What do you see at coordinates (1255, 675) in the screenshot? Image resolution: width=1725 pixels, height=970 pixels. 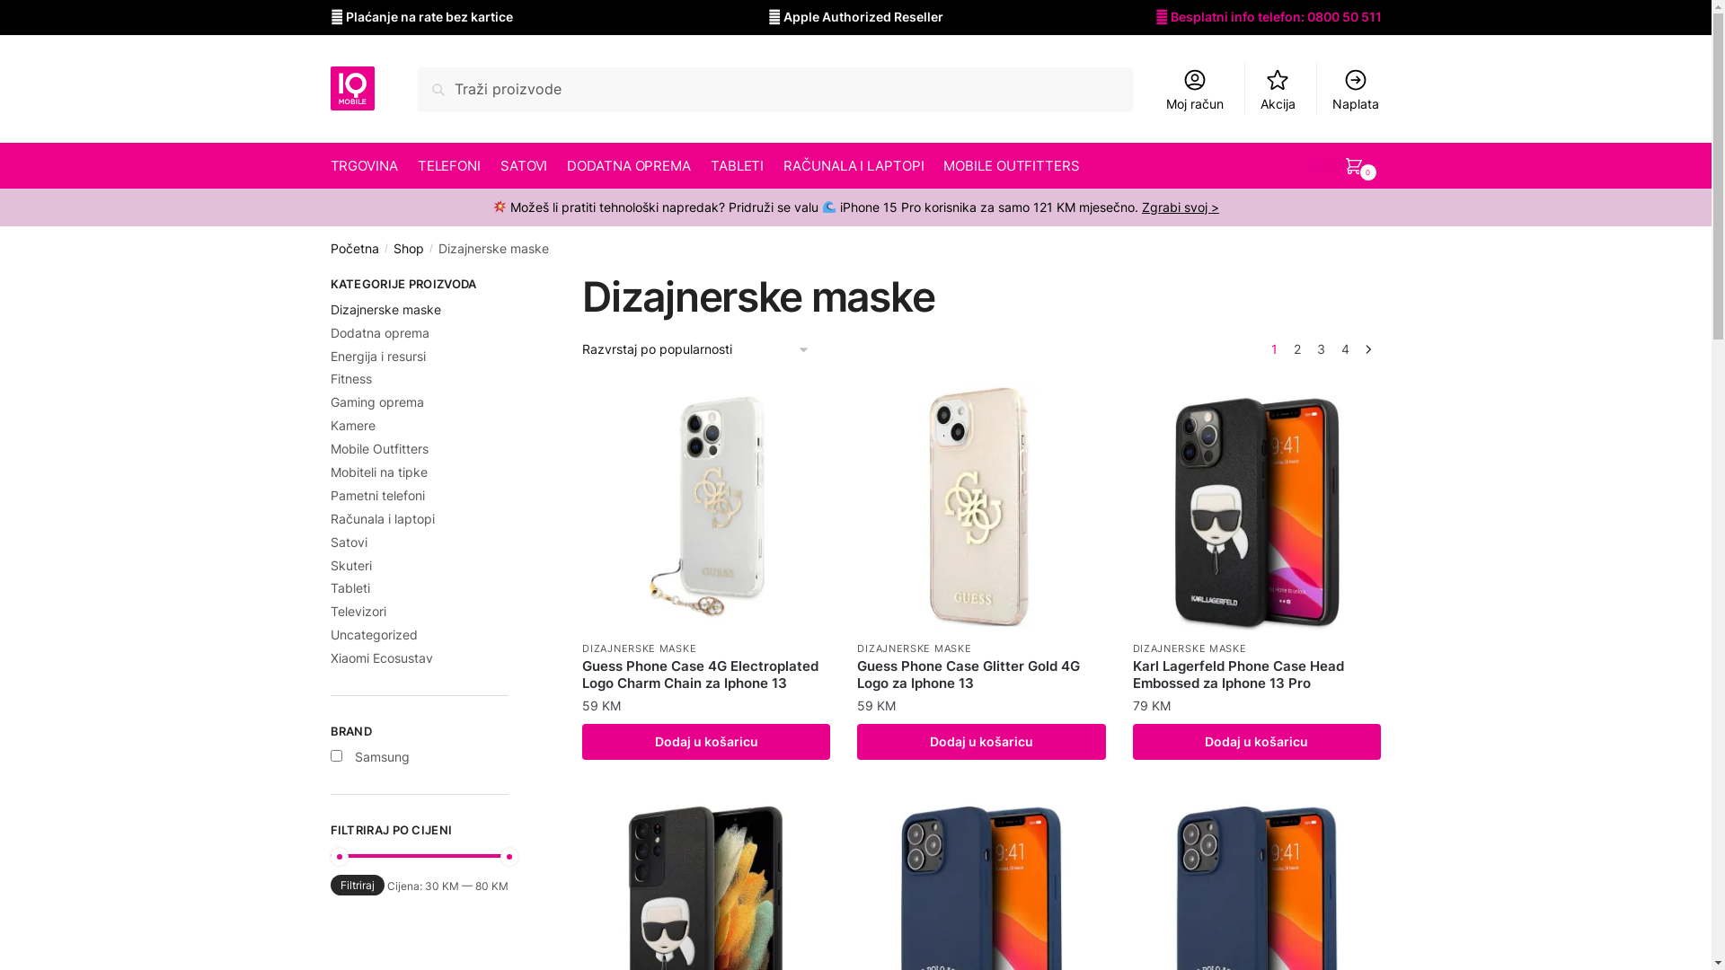 I see `'Karl Lagerfeld Phone Case Head Embossed za Iphone 13 Pro'` at bounding box center [1255, 675].